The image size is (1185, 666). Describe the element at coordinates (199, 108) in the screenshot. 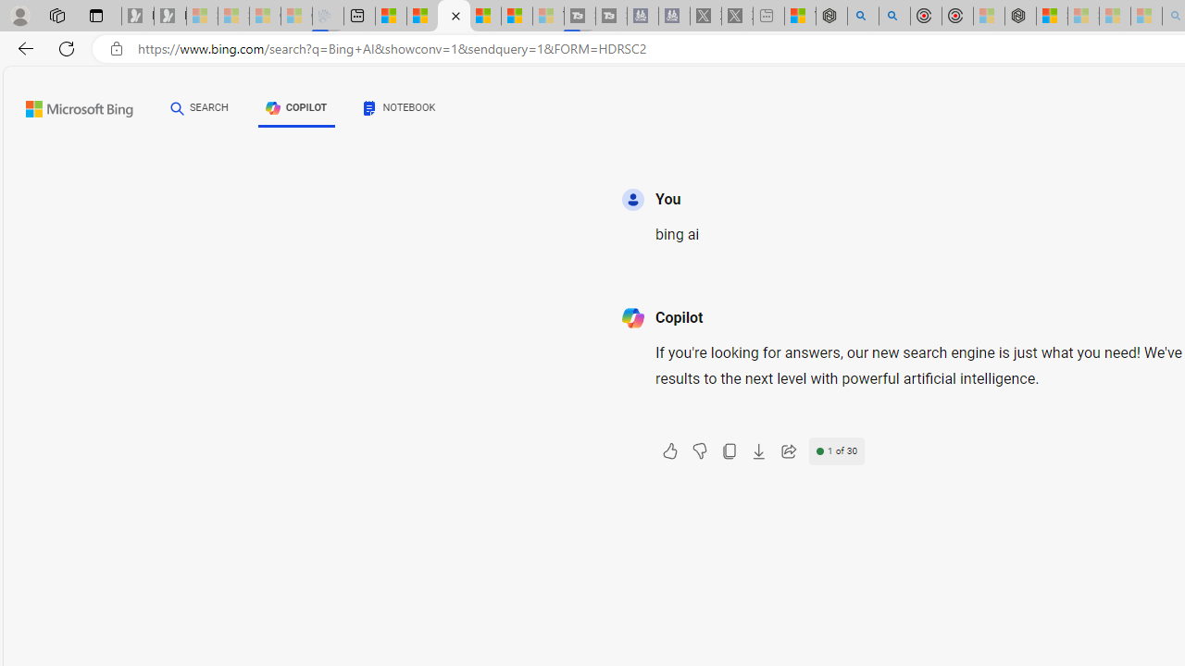

I see `'SEARCH'` at that location.